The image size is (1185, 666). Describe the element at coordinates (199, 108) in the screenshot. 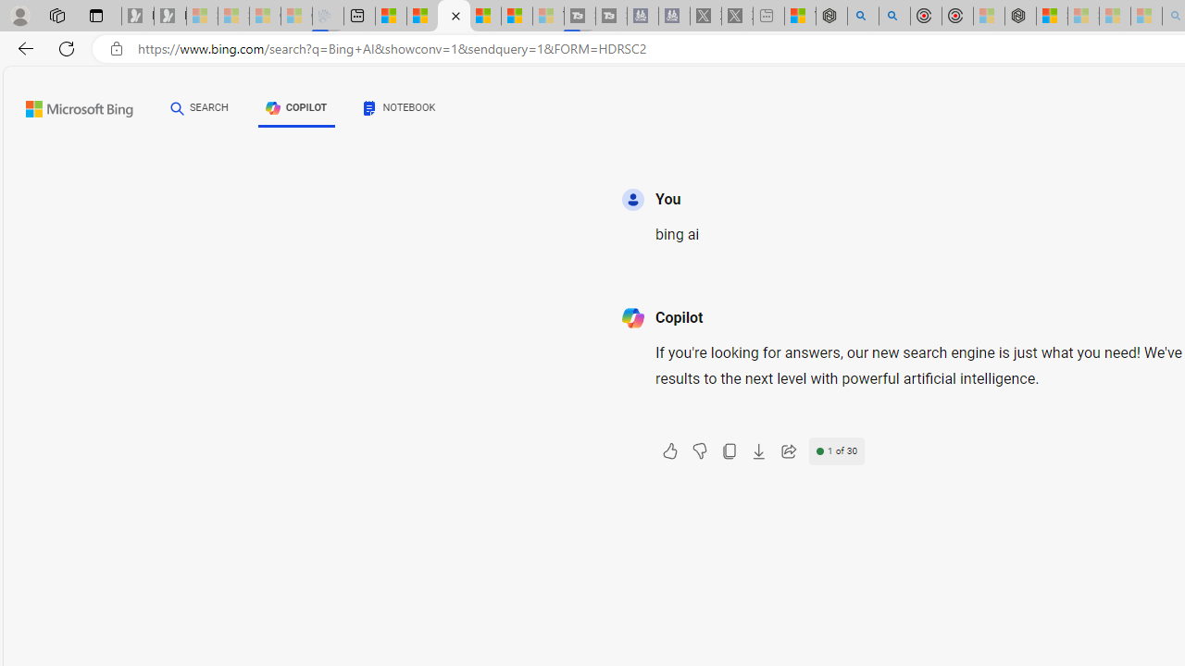

I see `'SEARCH'` at that location.